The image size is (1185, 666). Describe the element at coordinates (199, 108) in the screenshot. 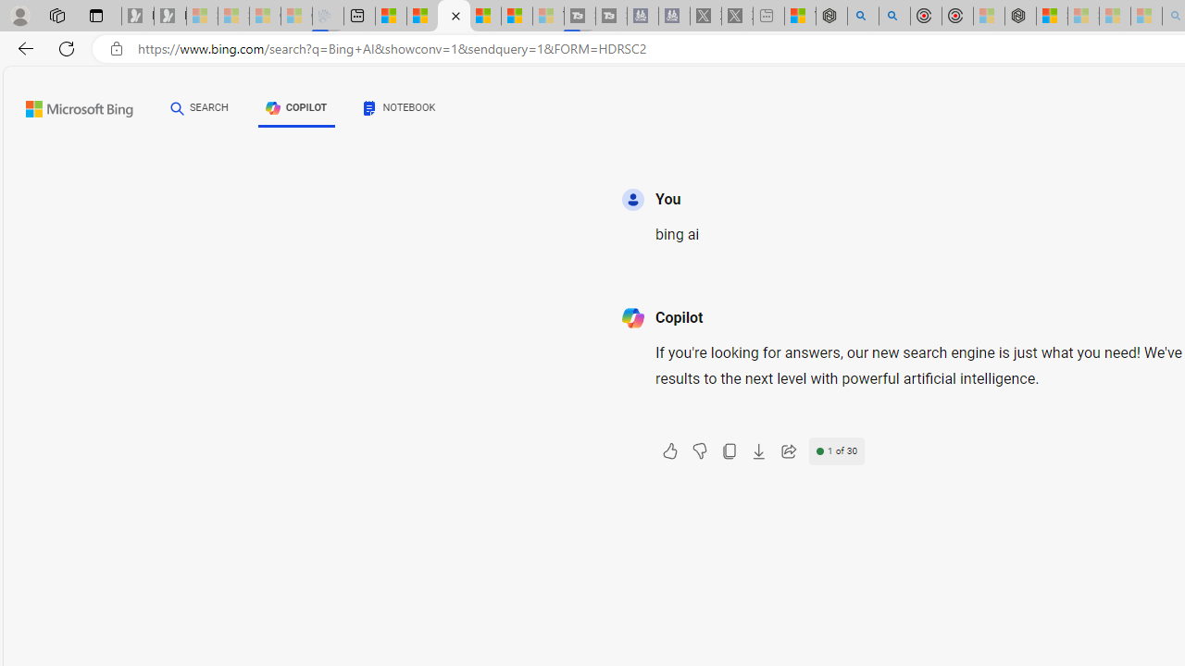

I see `'SEARCH'` at that location.